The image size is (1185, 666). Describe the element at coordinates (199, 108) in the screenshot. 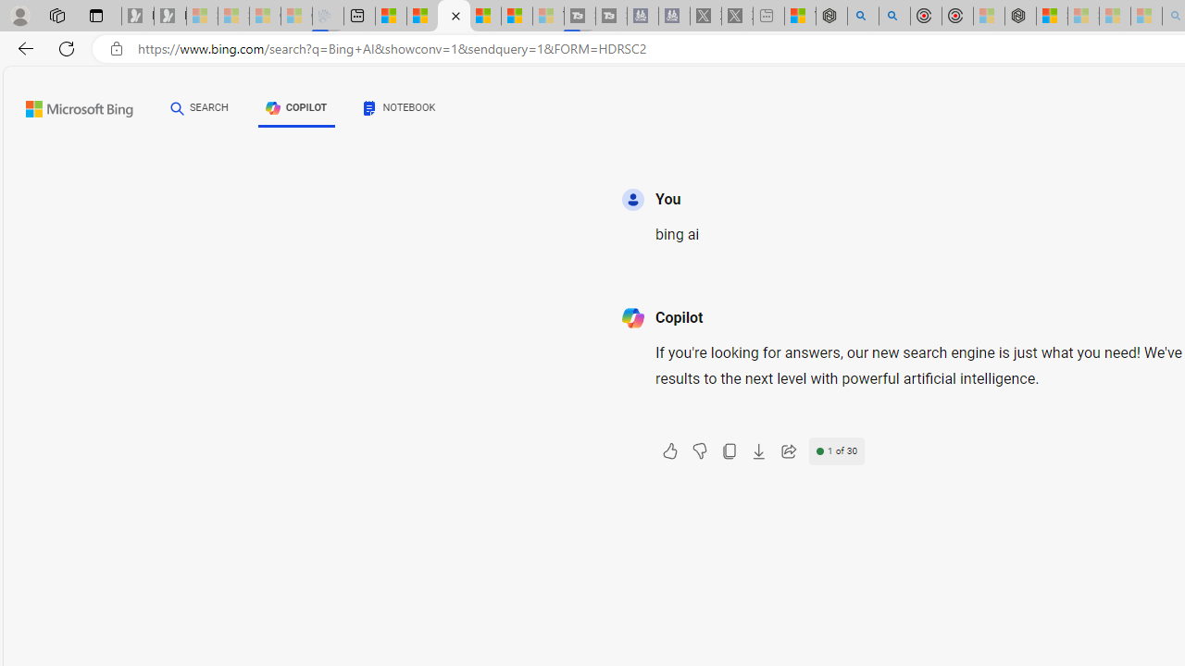

I see `'SEARCH'` at that location.